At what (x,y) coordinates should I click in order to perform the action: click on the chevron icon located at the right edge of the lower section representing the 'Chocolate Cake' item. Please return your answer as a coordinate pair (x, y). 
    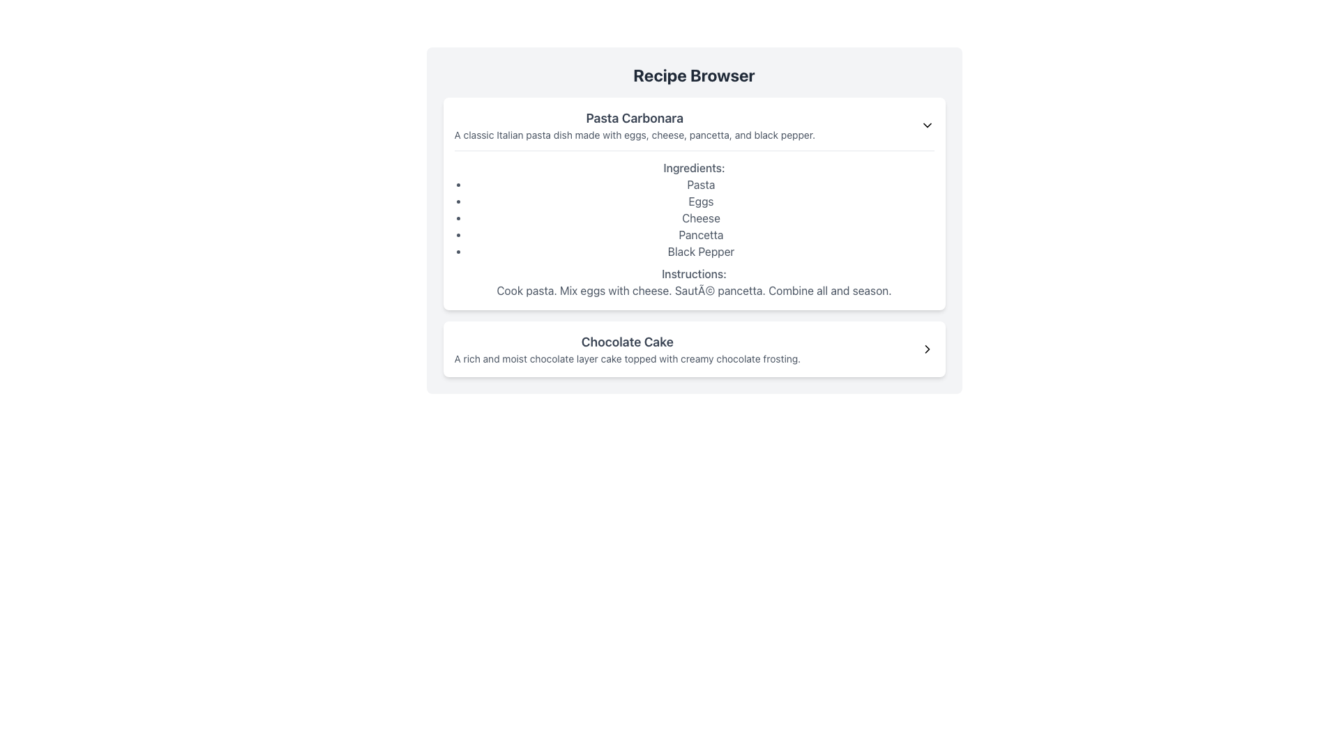
    Looking at the image, I should click on (927, 349).